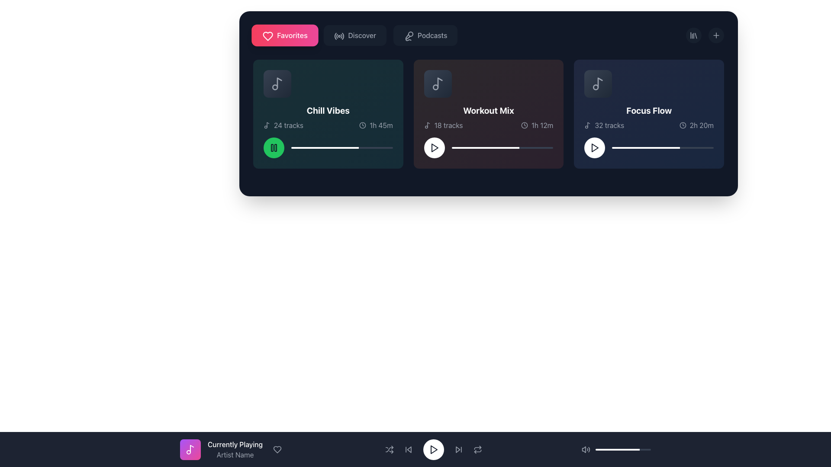 This screenshot has height=467, width=831. I want to click on the text label indicating the current playback status of the media player, located in the bottom center of the interface, to the right of the music note icon, so click(235, 445).